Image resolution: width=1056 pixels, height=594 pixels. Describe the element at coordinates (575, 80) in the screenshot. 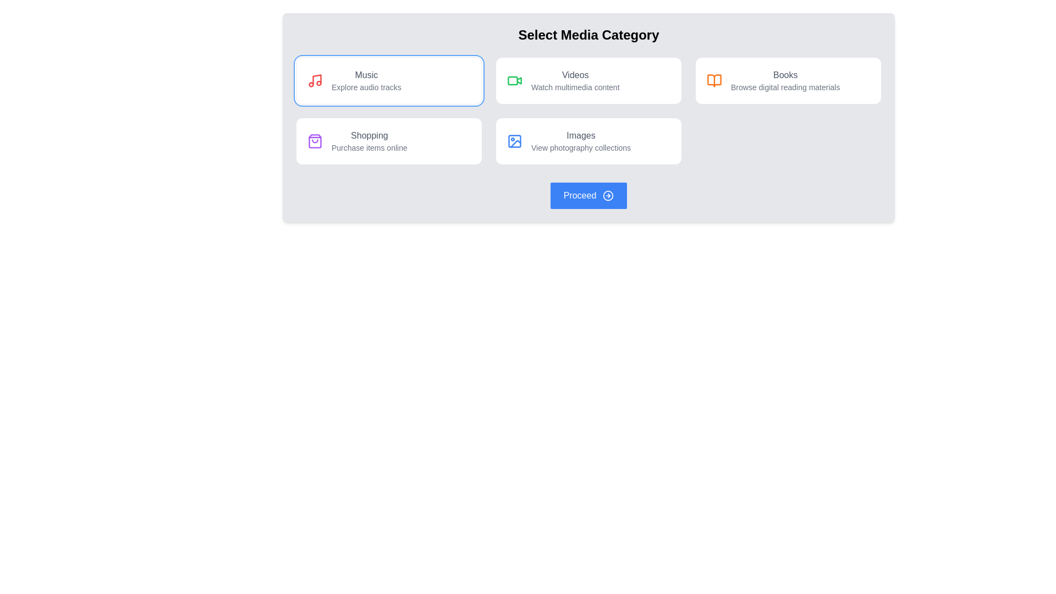

I see `to select the 'Videos' category from the navigation options located in the top row, second from the left, adjacent to 'Music' and 'Books'` at that location.